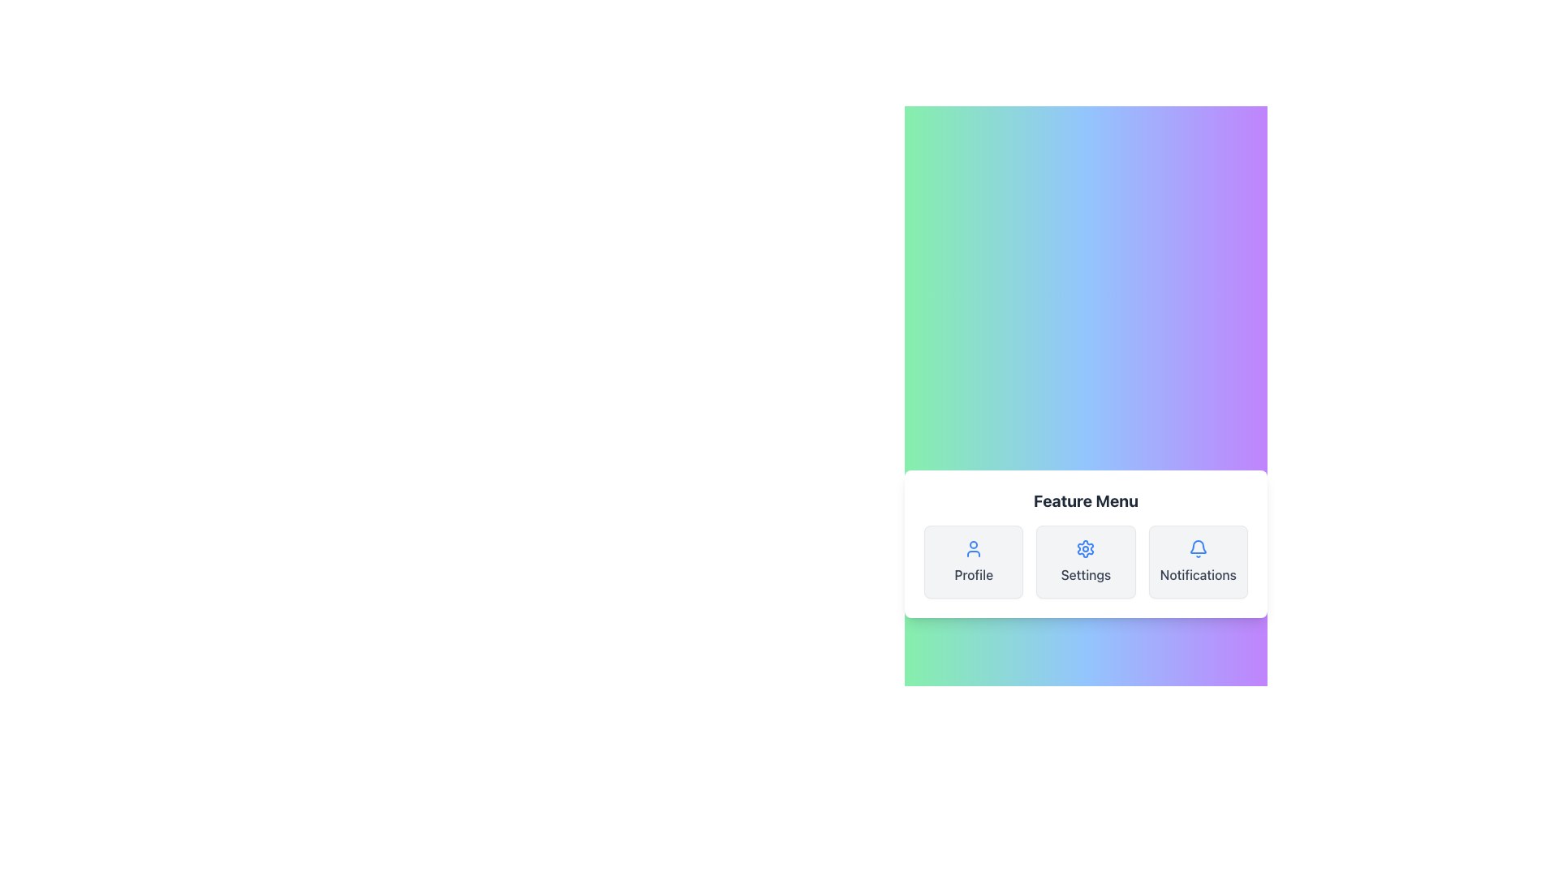 The width and height of the screenshot is (1558, 876). What do you see at coordinates (1086, 548) in the screenshot?
I see `the settings icon located centrally within its button, which is the second button from the left in the 'Feature Menu'` at bounding box center [1086, 548].